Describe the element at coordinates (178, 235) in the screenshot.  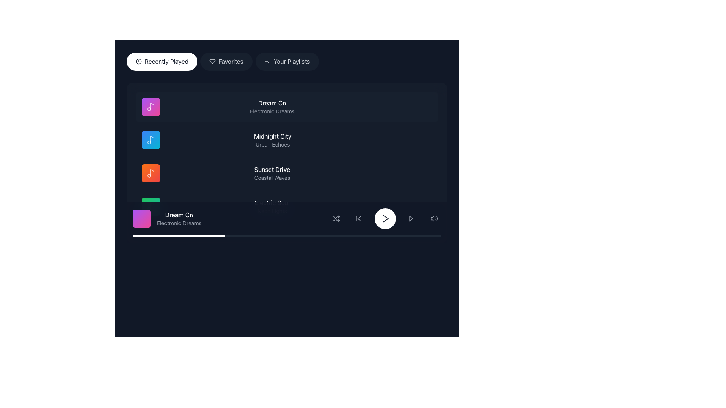
I see `the progress indicator for the music track 'Dream On' by 'Electronic Dreams', located near the bottom of the interface under the track details section` at that location.